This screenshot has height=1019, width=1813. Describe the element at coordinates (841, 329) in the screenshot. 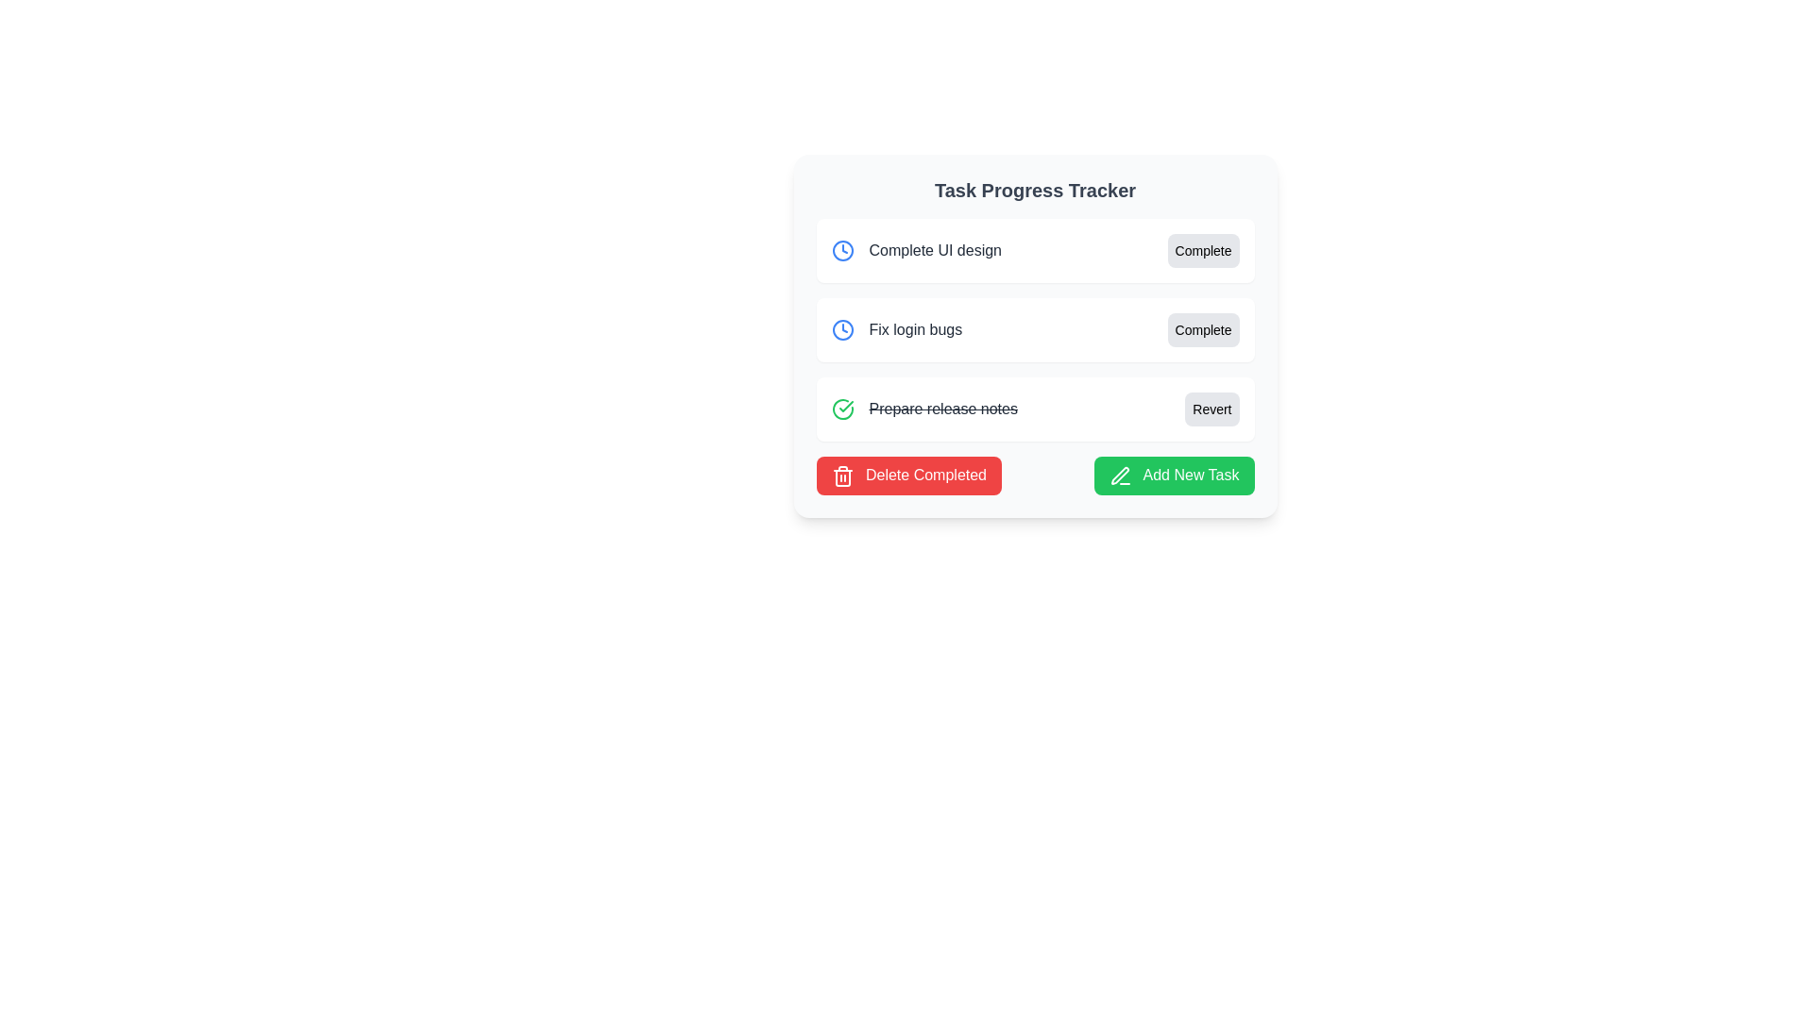

I see `the blue circular outline representing the outer boundary of the clock face in the task list beside the text 'Complete UI design'` at that location.